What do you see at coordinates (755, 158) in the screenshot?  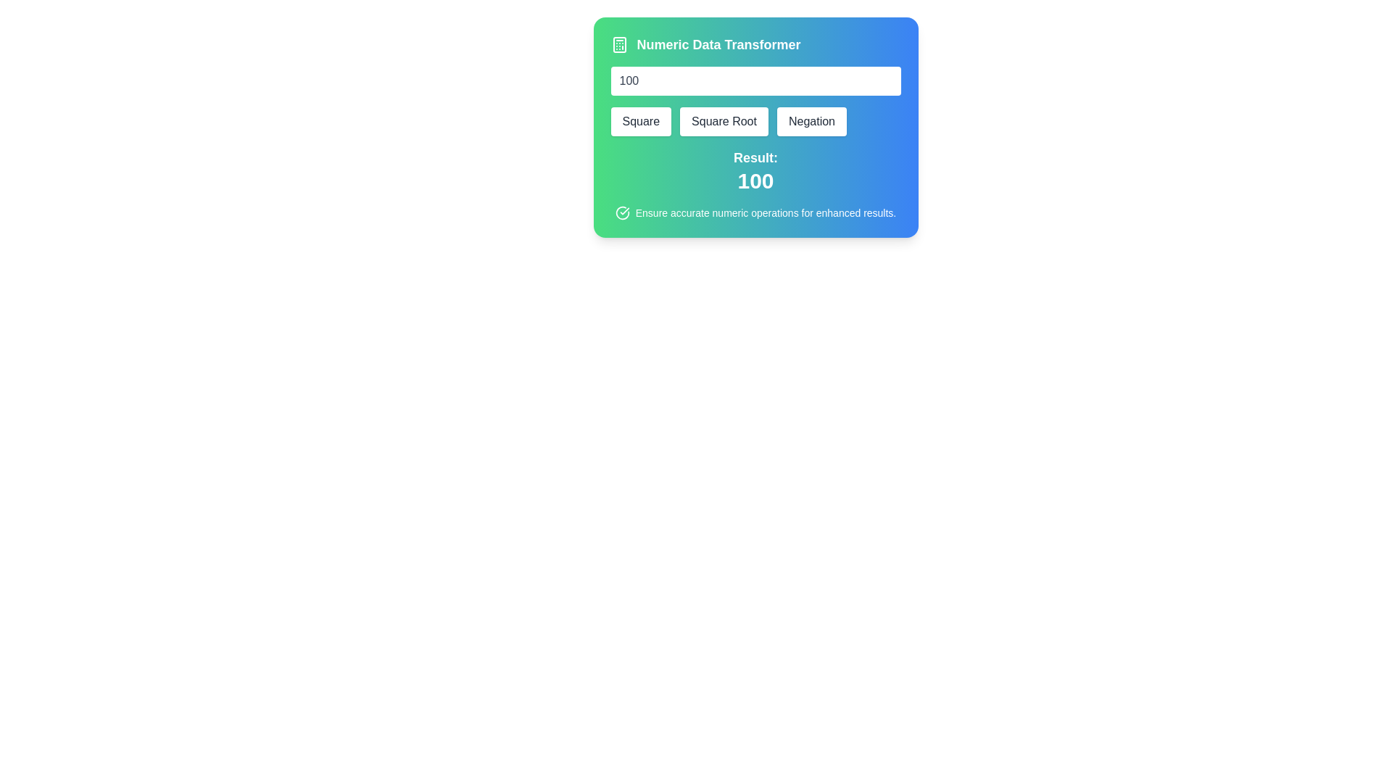 I see `the Text label that denotes the meaning of the value displayed below it, positioned above the bold '100' text element` at bounding box center [755, 158].